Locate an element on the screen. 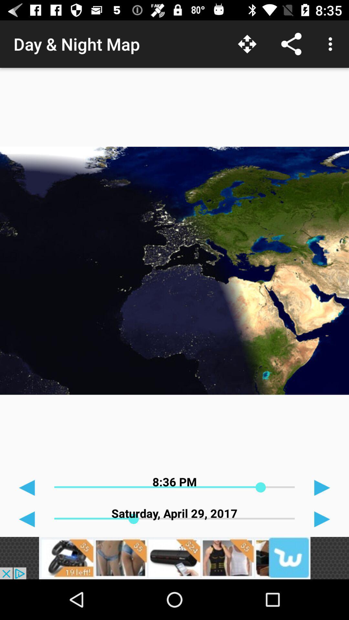 The image size is (349, 620). banner is located at coordinates (174, 558).